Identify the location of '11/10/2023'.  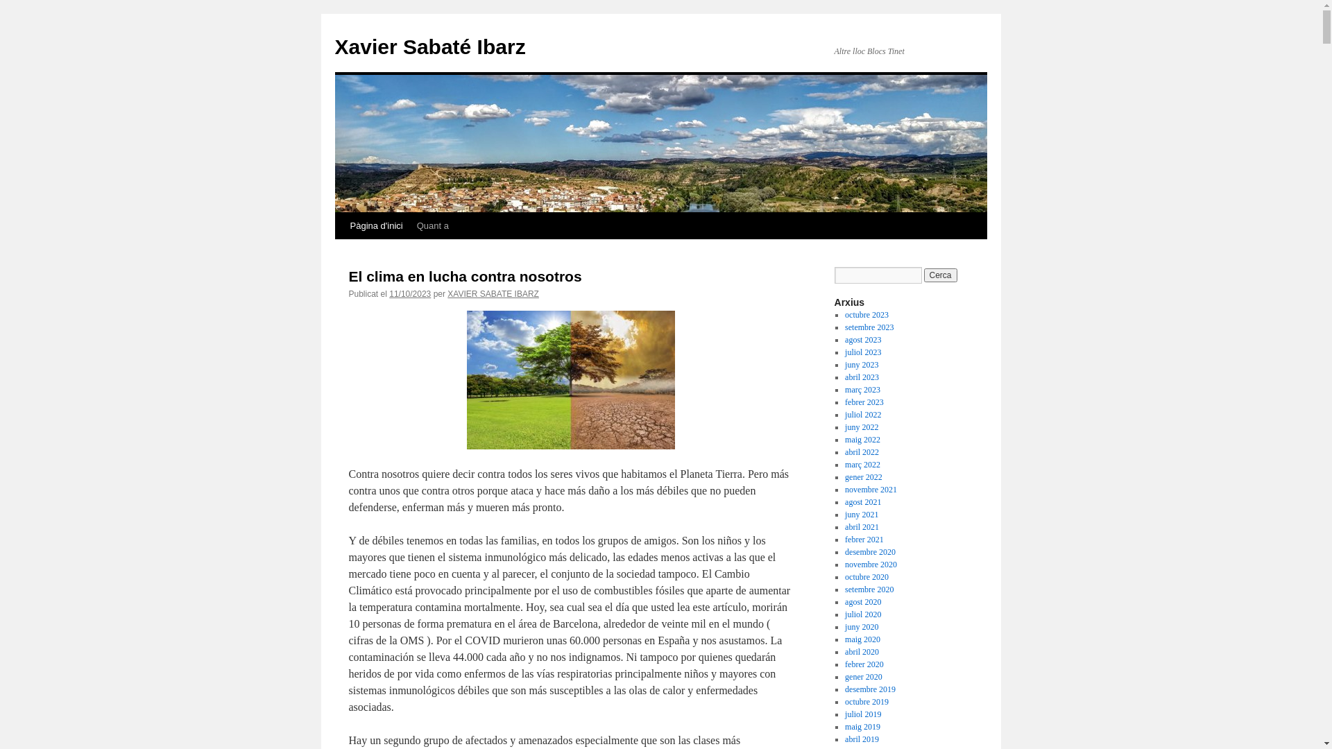
(388, 293).